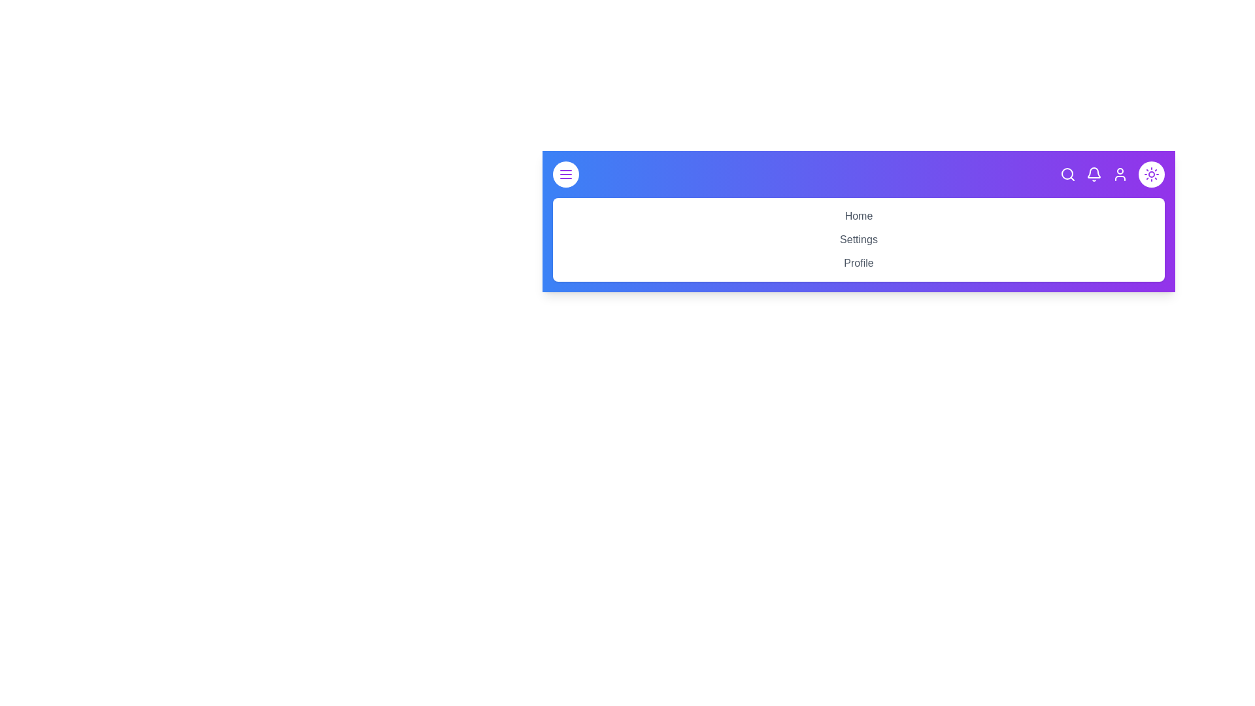  What do you see at coordinates (859, 239) in the screenshot?
I see `the 'Settings' link in the navigation menu` at bounding box center [859, 239].